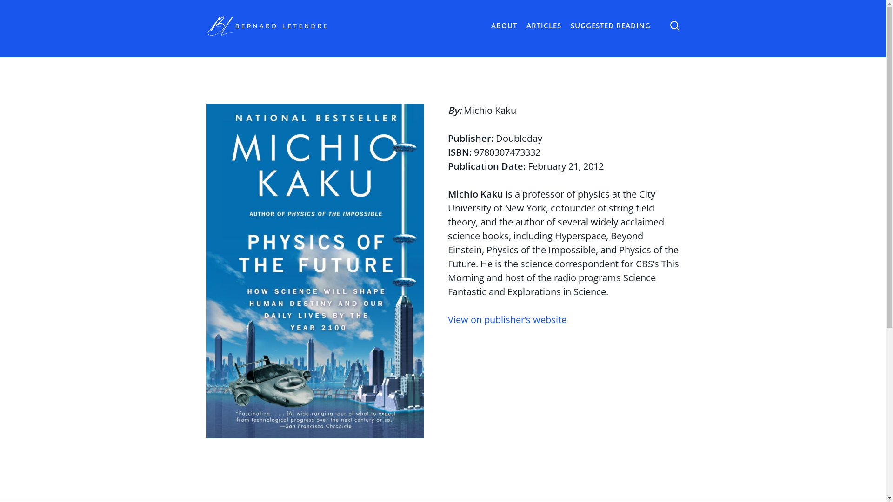 The image size is (893, 502). Describe the element at coordinates (504, 25) in the screenshot. I see `'ABOUT'` at that location.